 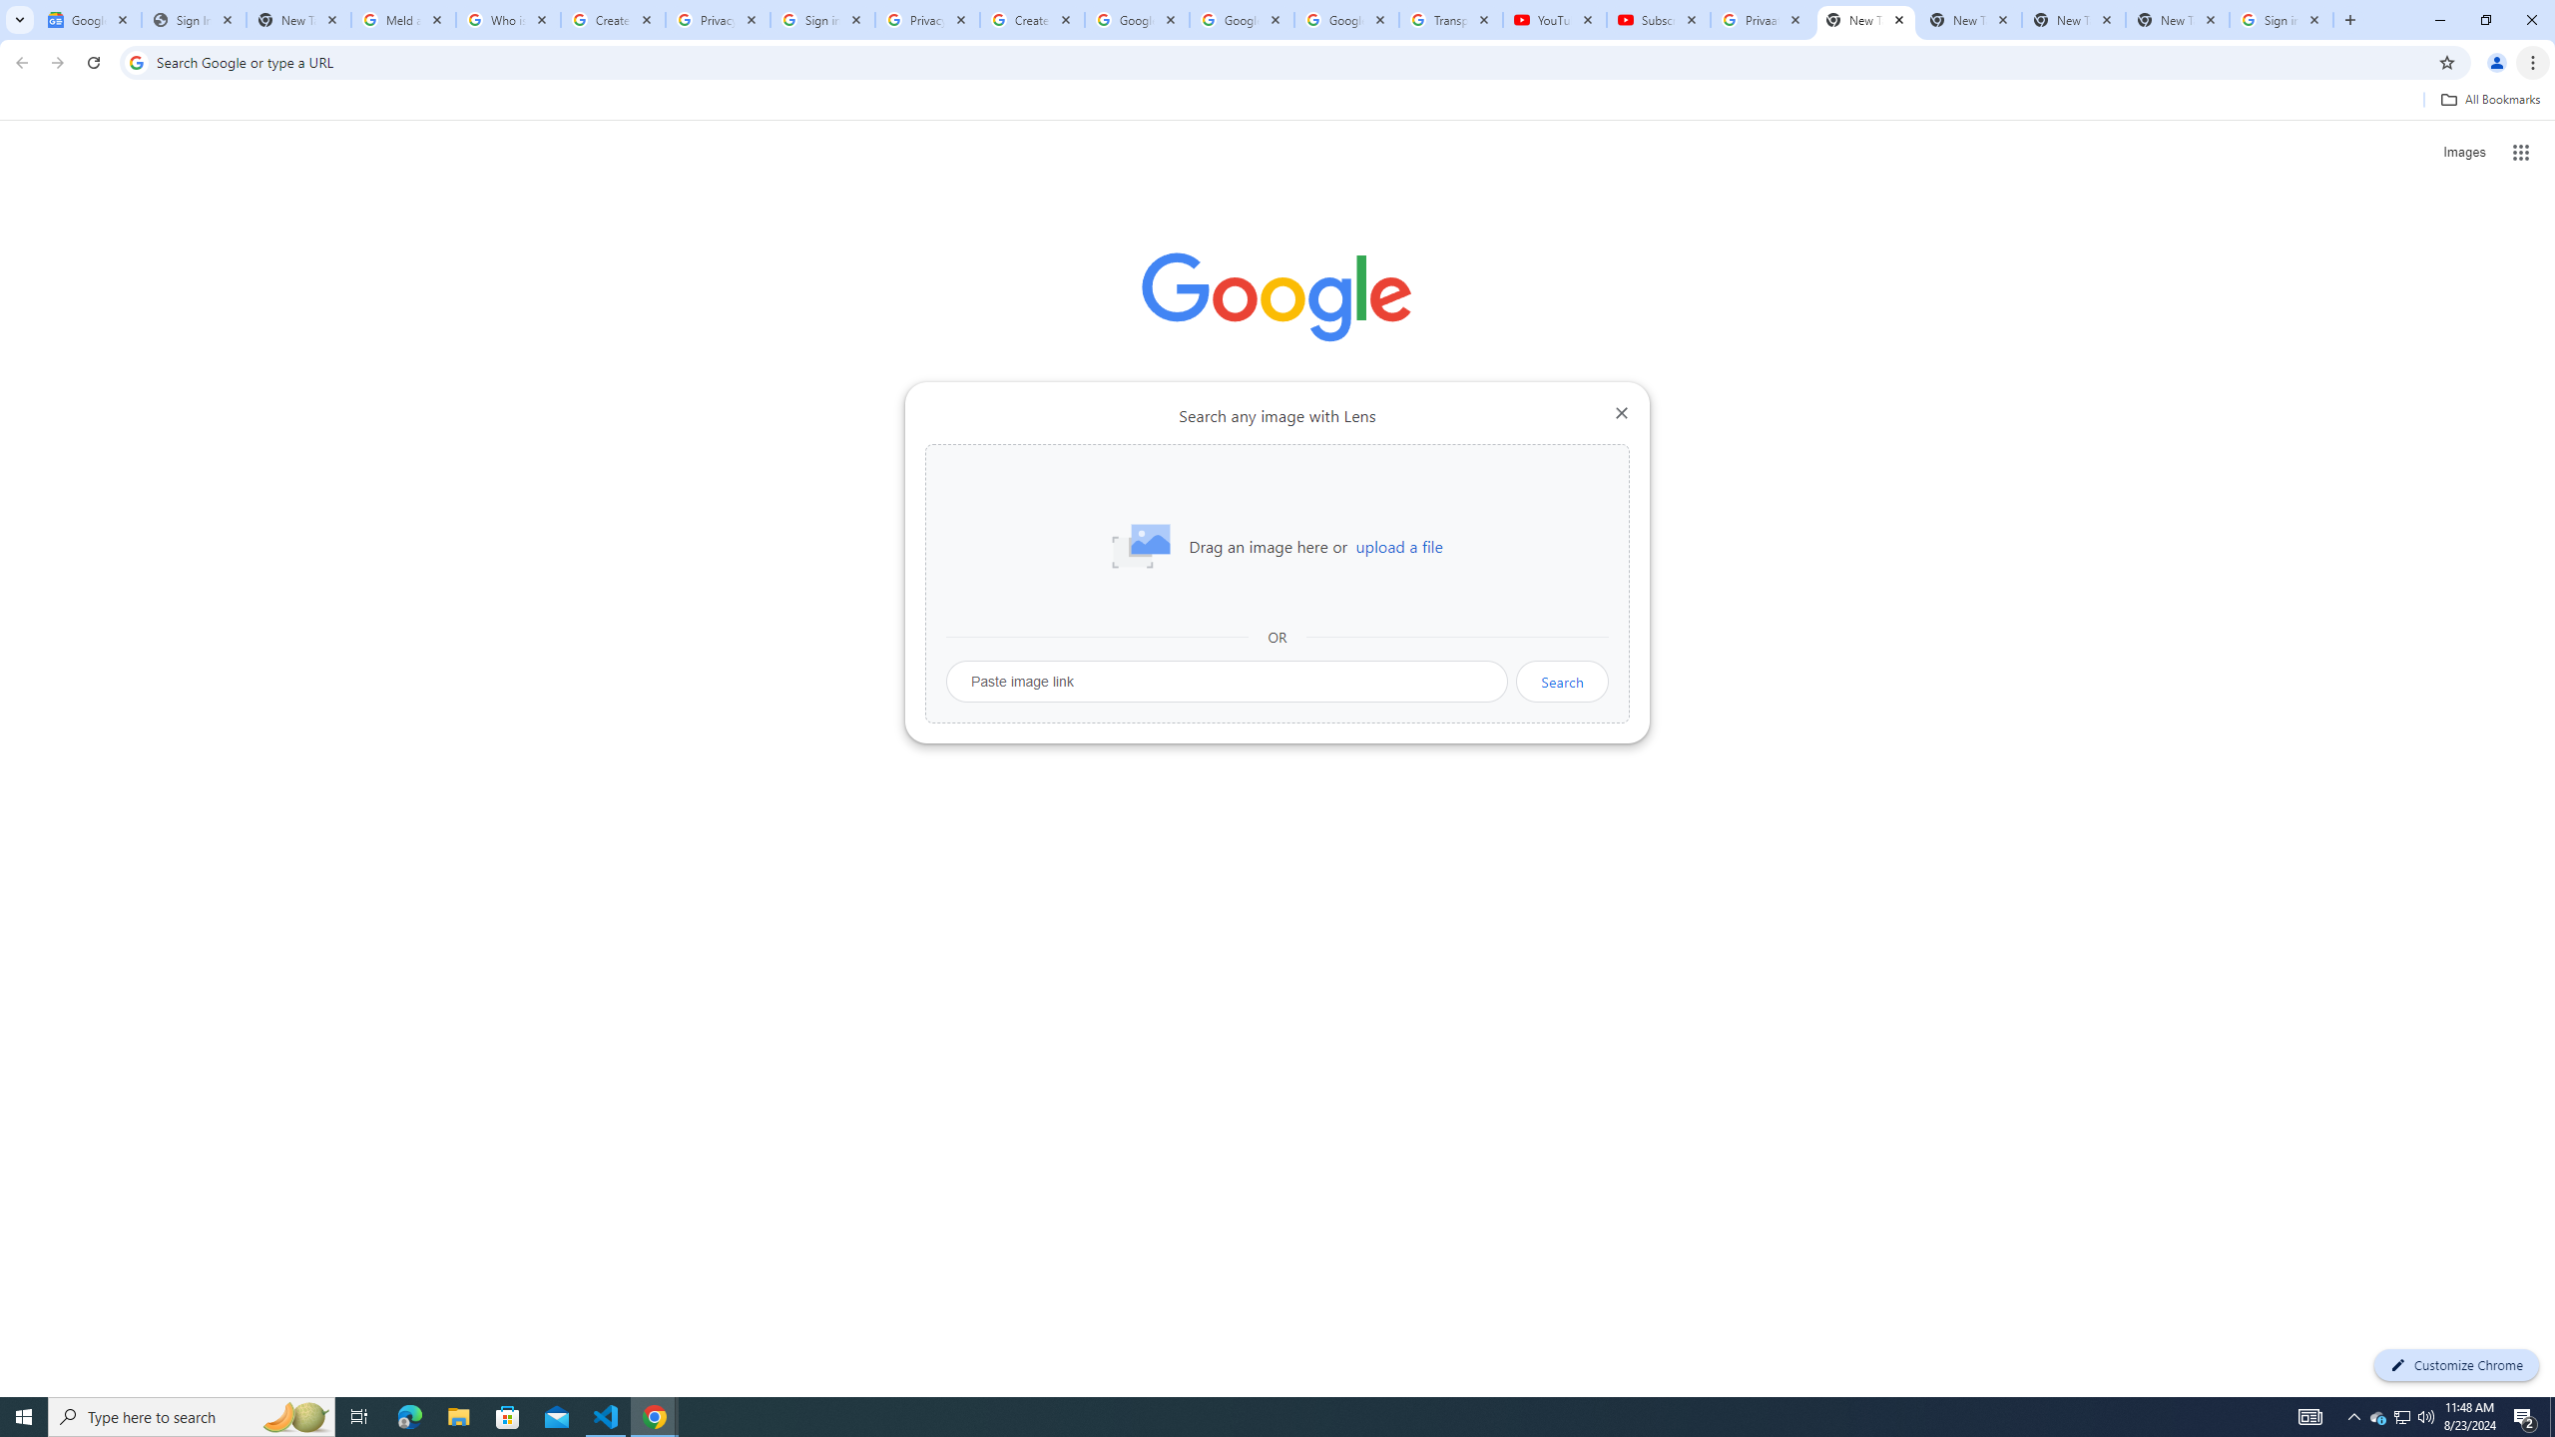 What do you see at coordinates (1554, 19) in the screenshot?
I see `'YouTube'` at bounding box center [1554, 19].